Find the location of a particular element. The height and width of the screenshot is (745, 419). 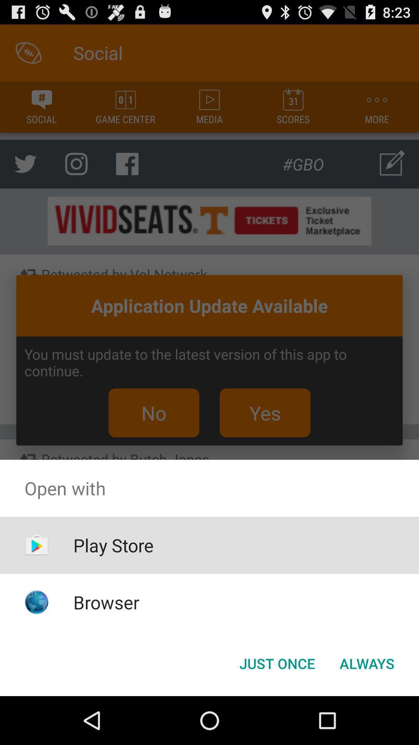

the icon next to just once button is located at coordinates (367, 663).